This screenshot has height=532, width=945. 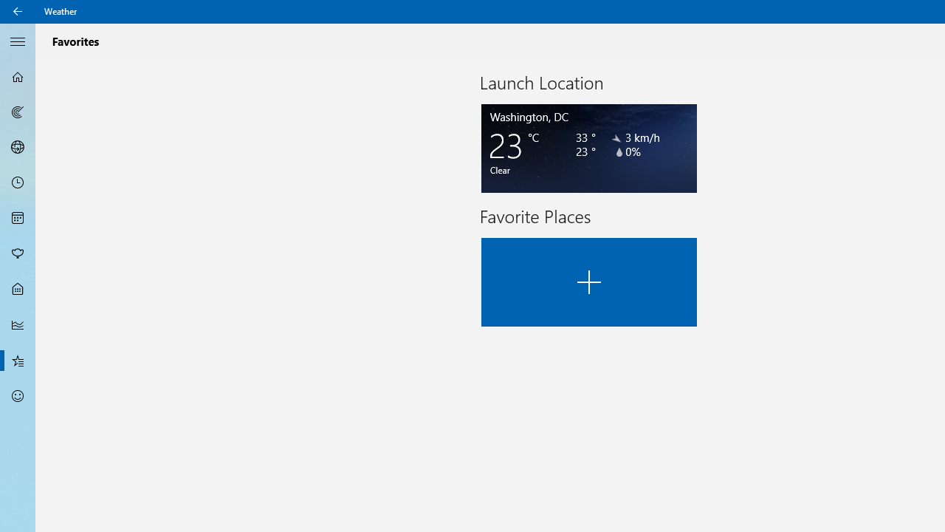 I want to click on 'Maps - Not Selected', so click(x=18, y=111).